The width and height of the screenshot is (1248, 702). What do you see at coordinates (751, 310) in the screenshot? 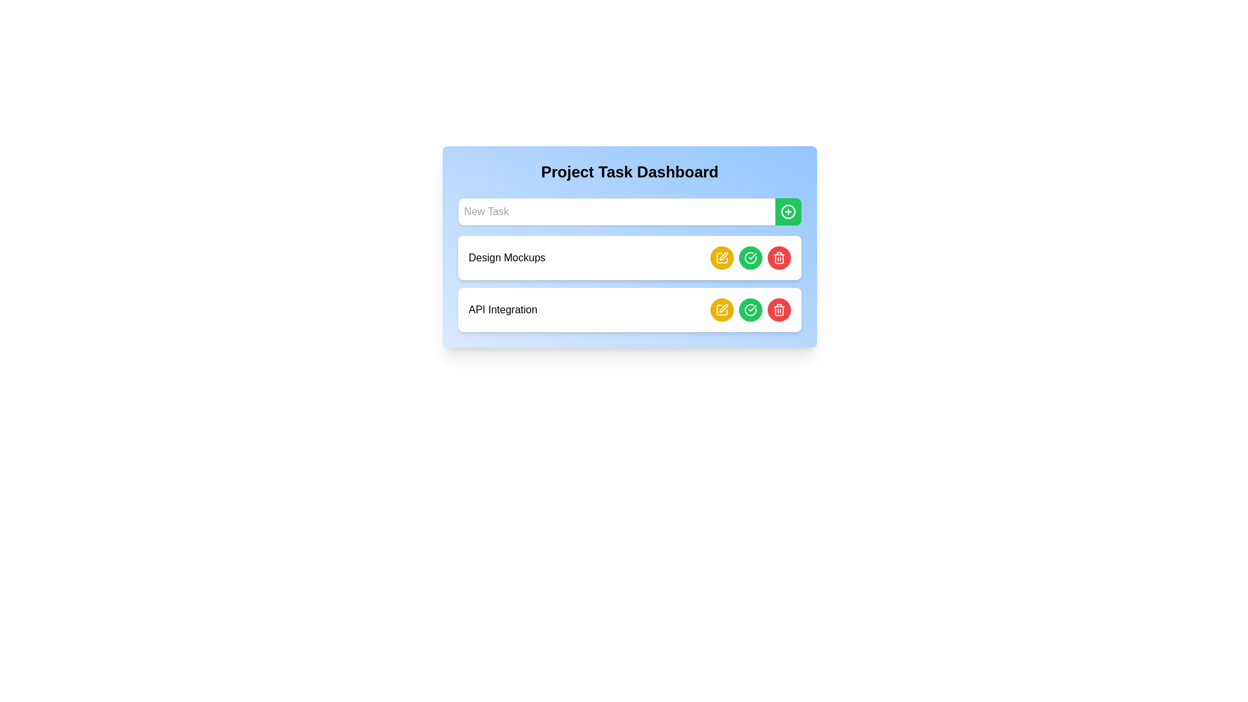
I see `the second circular action button with a green background located on the right side of the 'API Integration' task item row` at bounding box center [751, 310].